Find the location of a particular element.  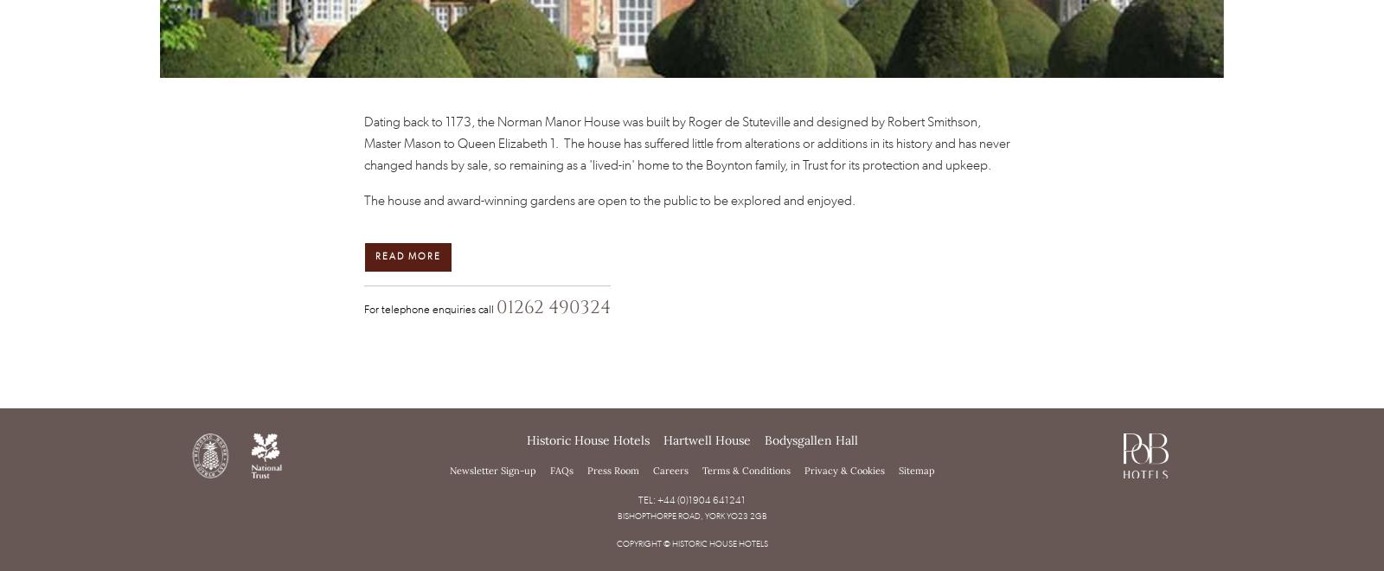

'Sitemap' is located at coordinates (916, 469).